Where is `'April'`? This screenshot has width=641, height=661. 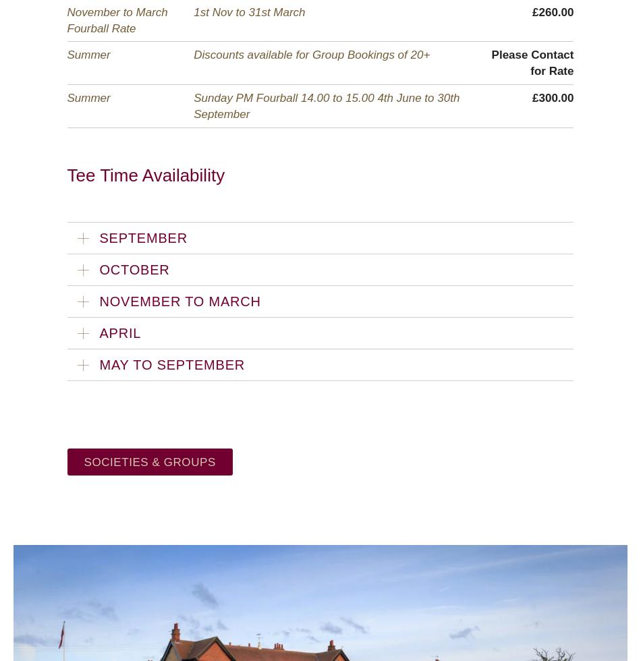 'April' is located at coordinates (99, 333).